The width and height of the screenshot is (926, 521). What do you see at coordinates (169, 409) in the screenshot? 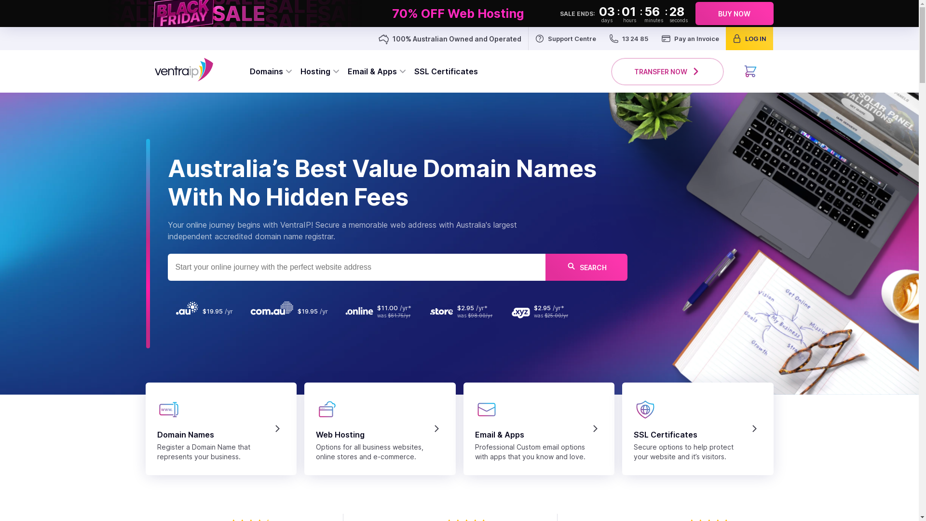
I see `'domains'` at bounding box center [169, 409].